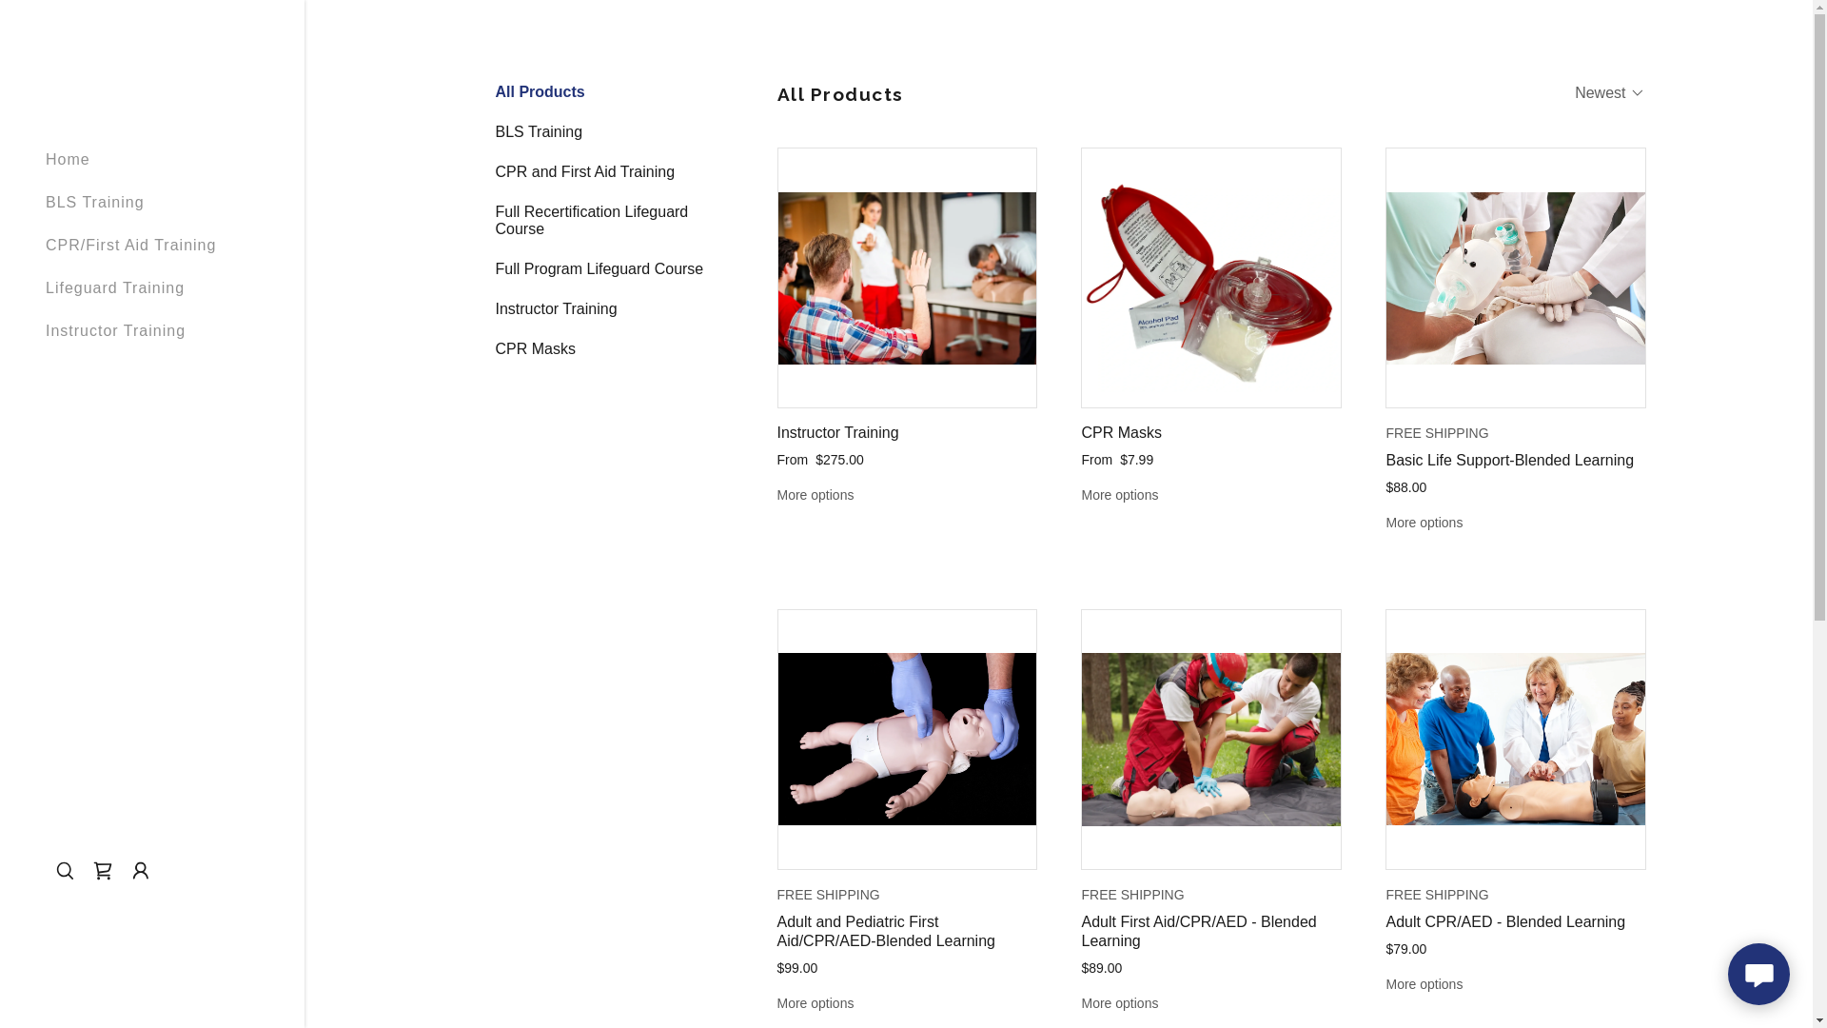 The image size is (1827, 1028). I want to click on 'CPR Masks', so click(600, 348).